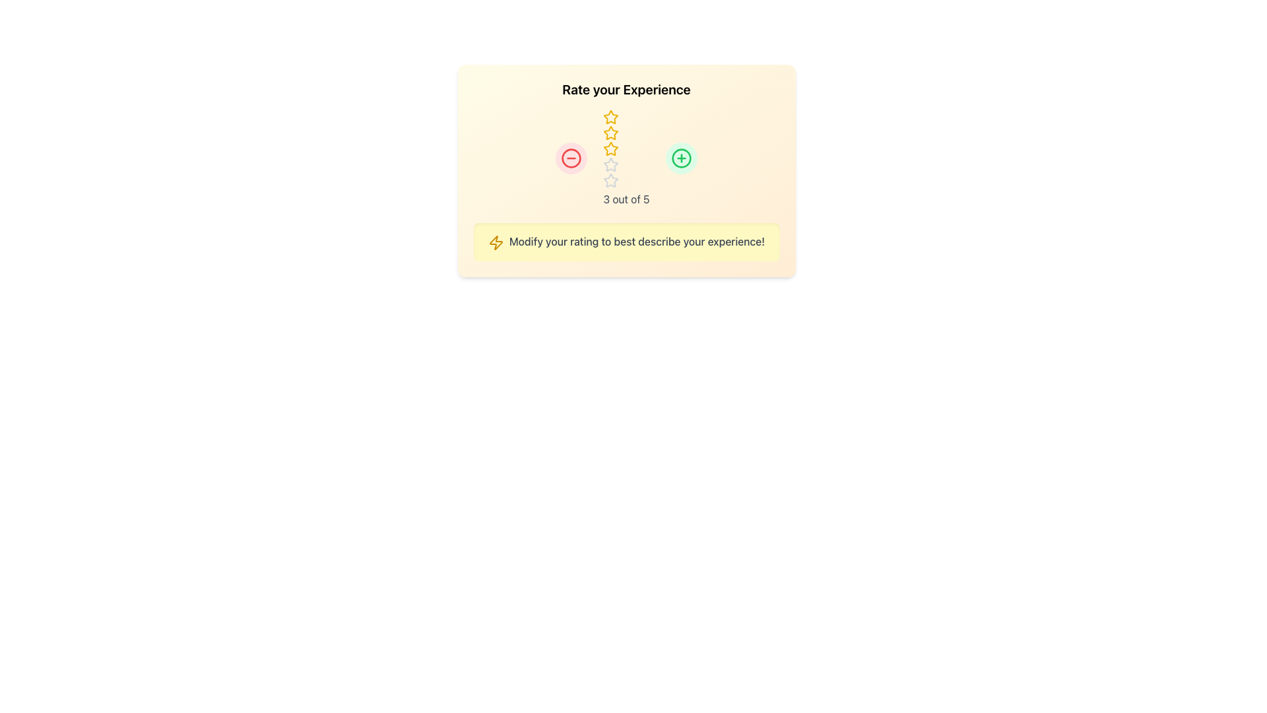 The height and width of the screenshot is (713, 1267). I want to click on textual rating '3 out of 5' displayed below the three yellow stars and two gray stars in the rating component, so click(626, 157).